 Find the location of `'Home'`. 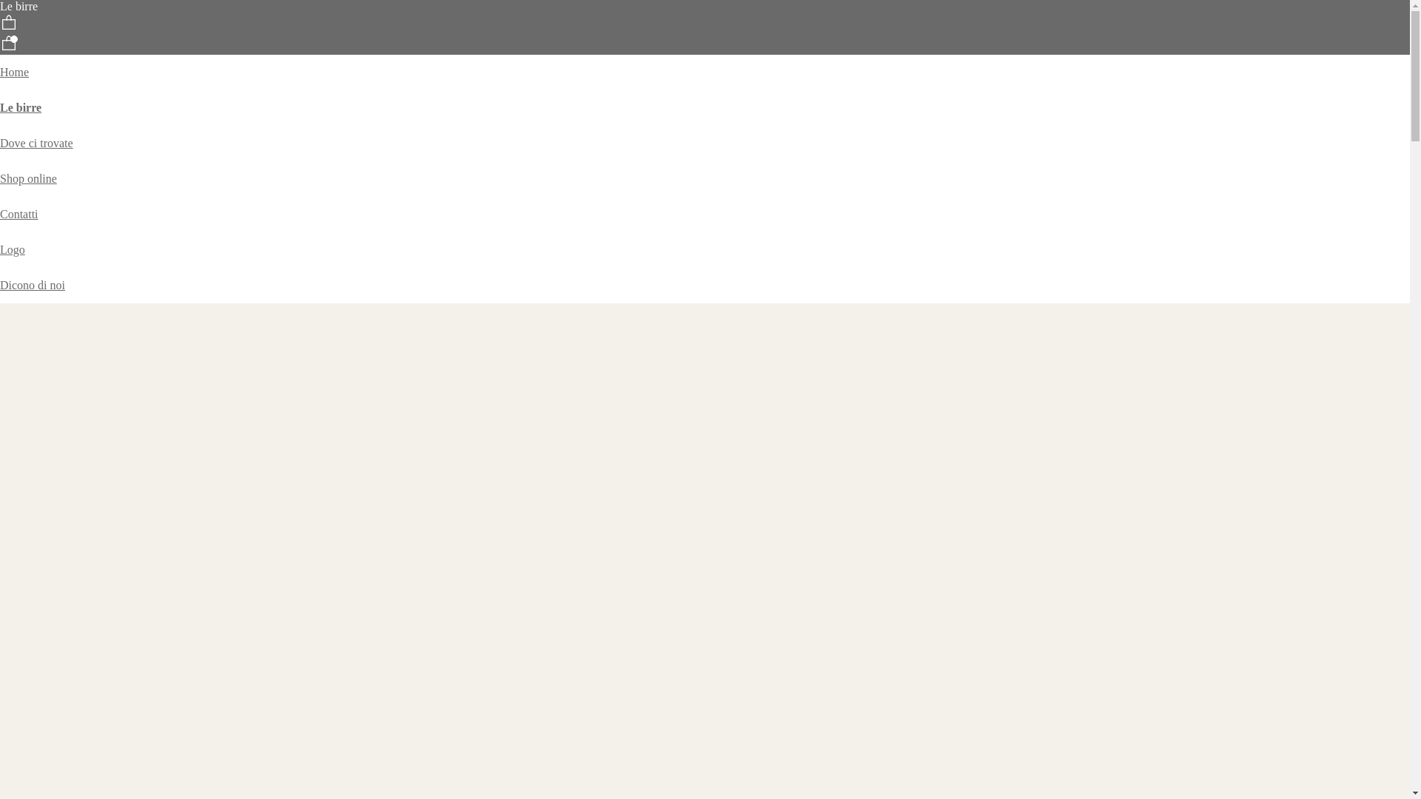

'Home' is located at coordinates (14, 72).